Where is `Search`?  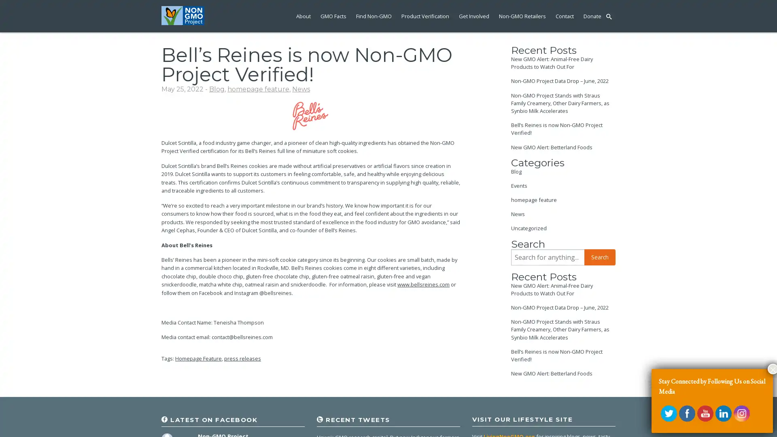
Search is located at coordinates (600, 257).